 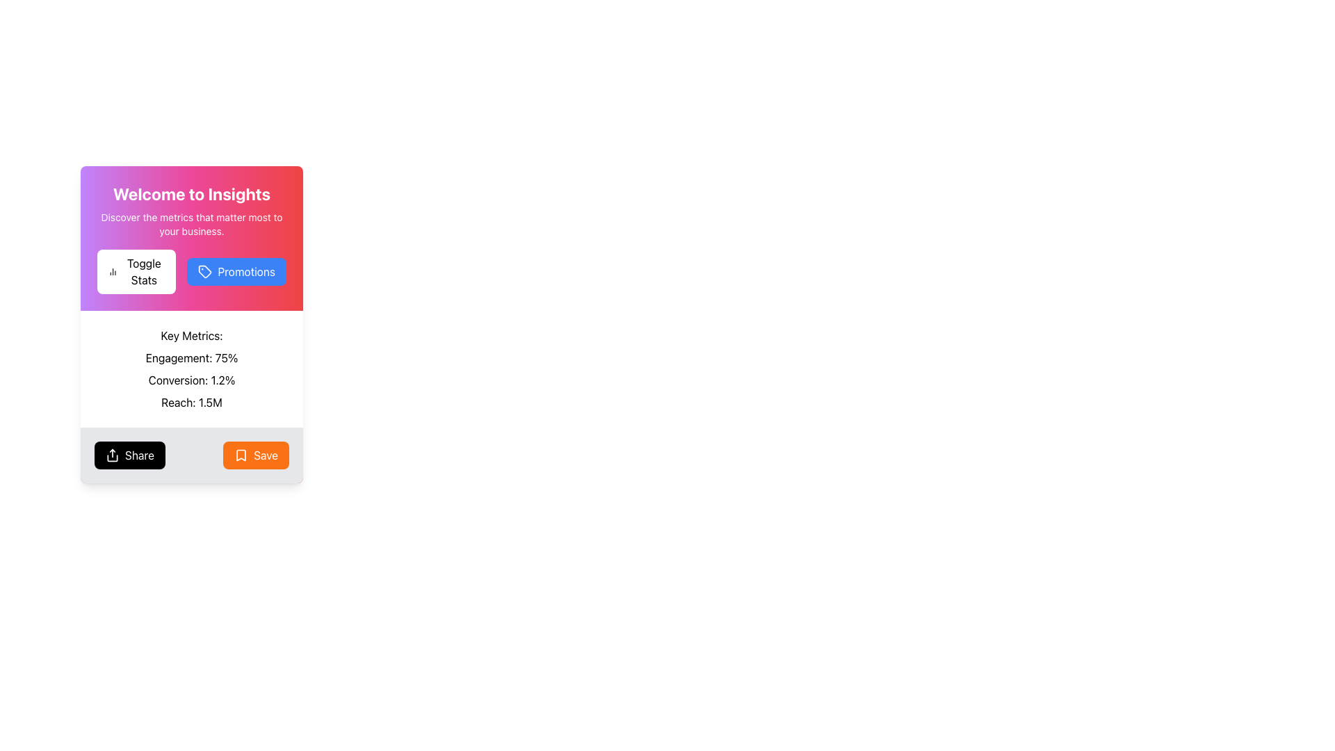 What do you see at coordinates (191, 224) in the screenshot?
I see `the text block containing the phrase 'Discover the metrics that matter most to your business.' which is located below the title 'Welcome to Insights'` at bounding box center [191, 224].